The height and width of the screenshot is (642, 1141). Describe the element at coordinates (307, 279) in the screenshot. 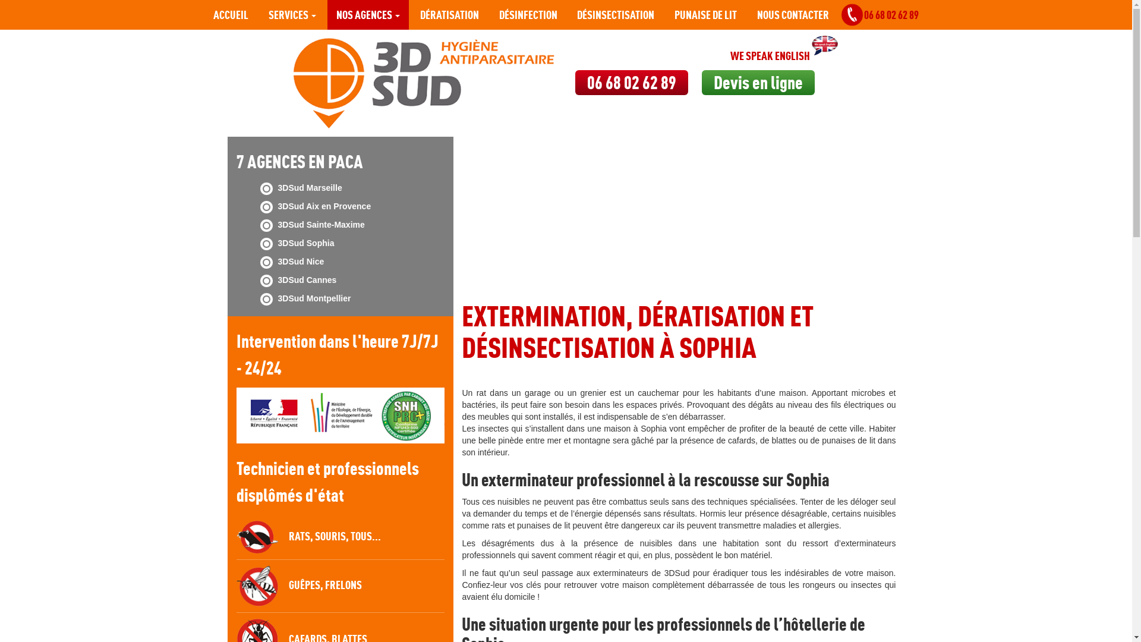

I see `'3DSud Cannes'` at that location.